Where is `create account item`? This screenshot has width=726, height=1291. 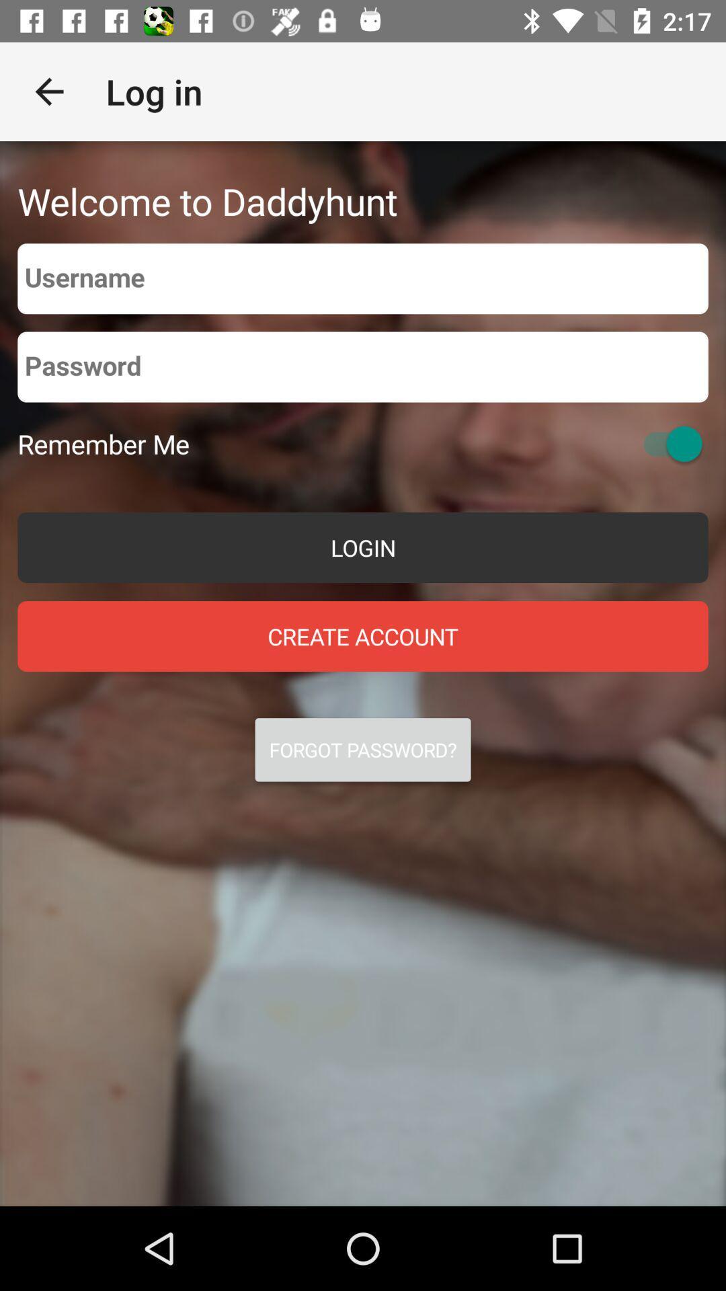 create account item is located at coordinates (363, 635).